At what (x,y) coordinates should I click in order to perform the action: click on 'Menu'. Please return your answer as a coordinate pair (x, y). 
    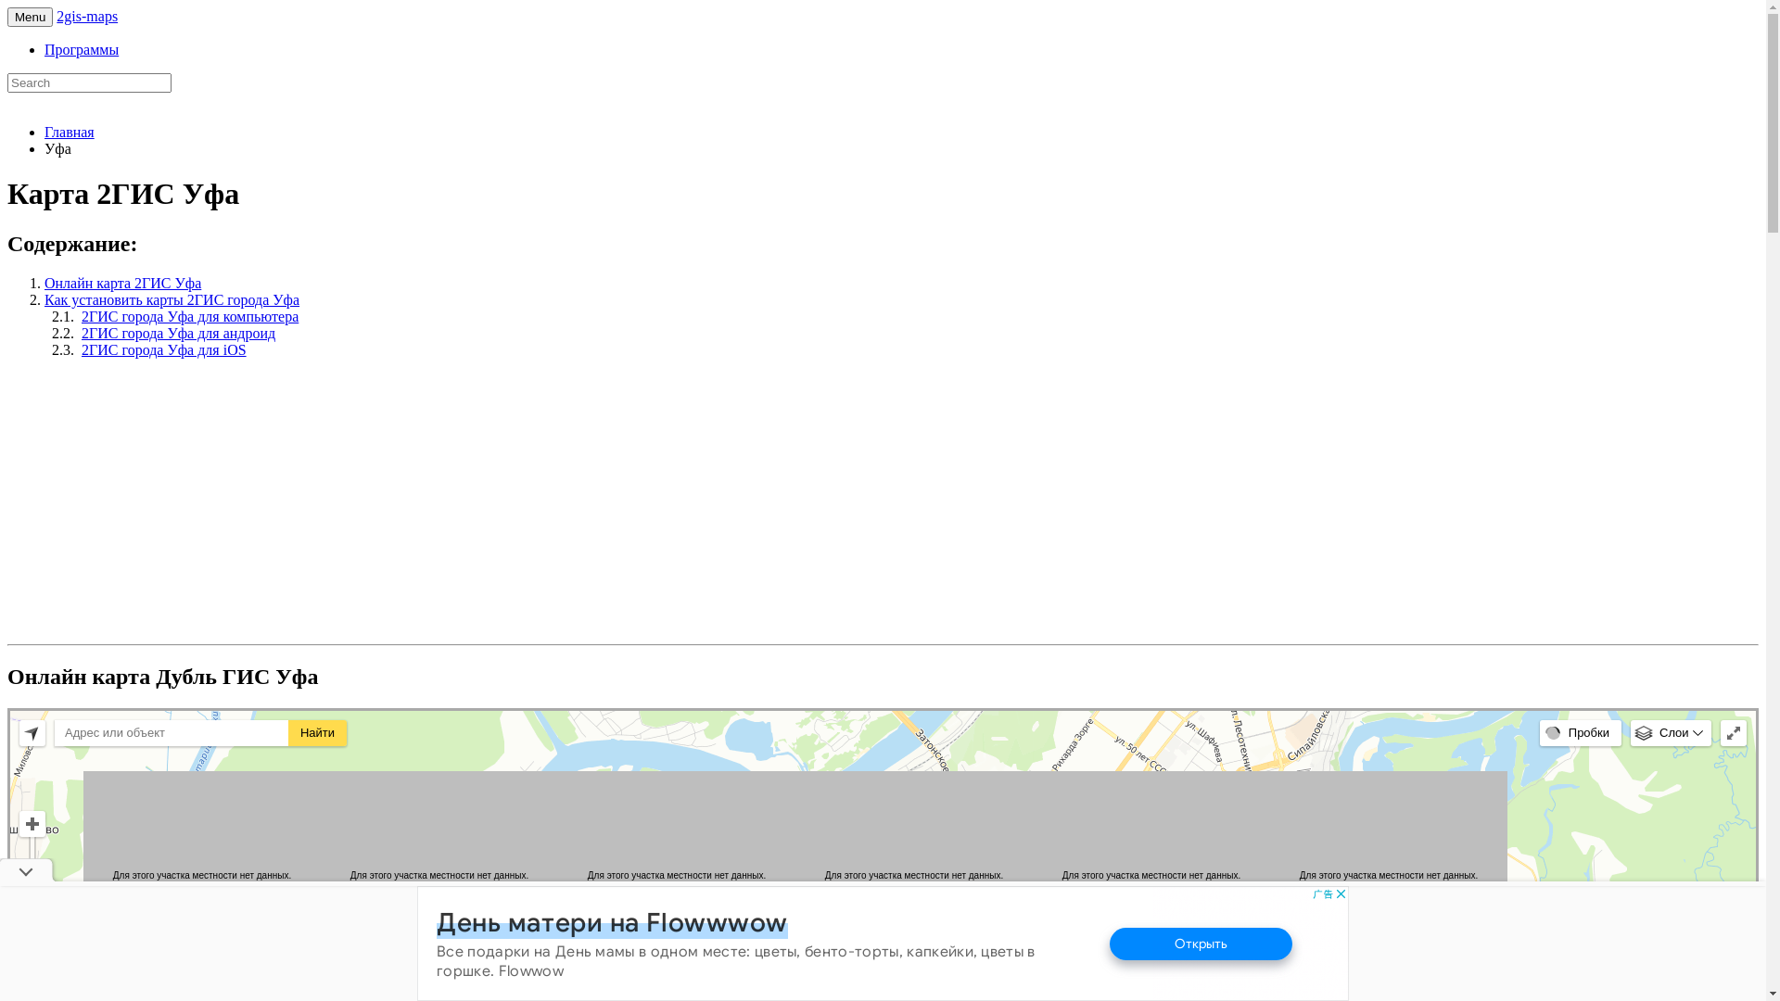
    Looking at the image, I should click on (30, 17).